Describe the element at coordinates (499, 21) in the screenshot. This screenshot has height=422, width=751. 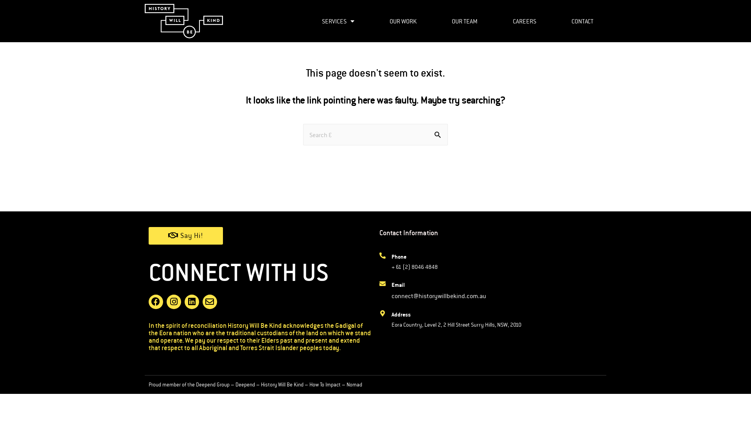
I see `'CAREERS'` at that location.